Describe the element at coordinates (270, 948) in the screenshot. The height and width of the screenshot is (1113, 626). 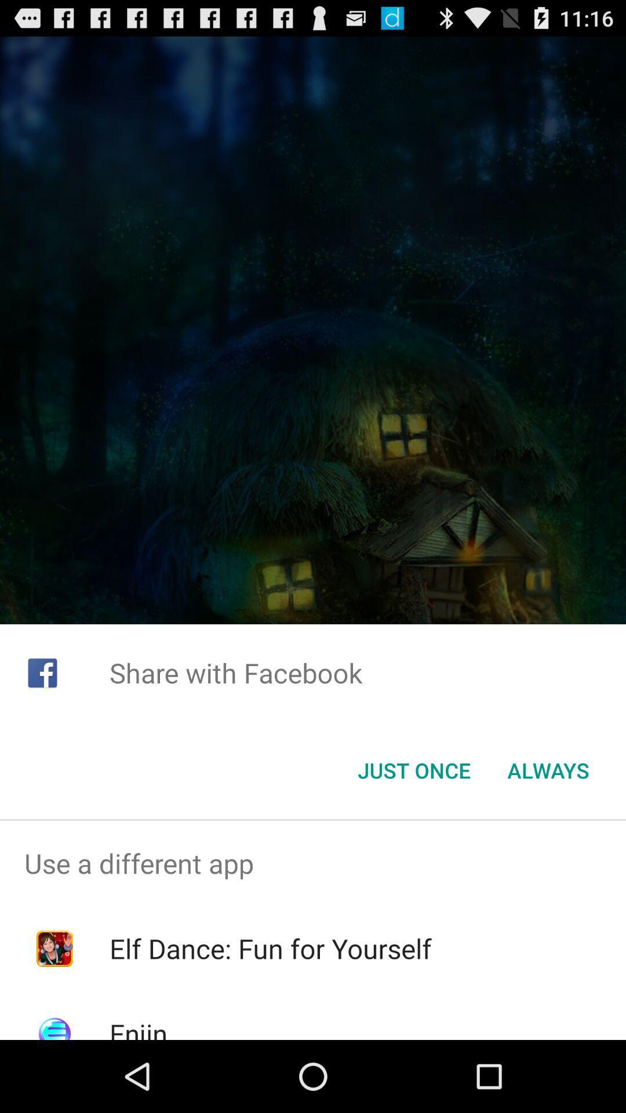
I see `app above enjin app` at that location.